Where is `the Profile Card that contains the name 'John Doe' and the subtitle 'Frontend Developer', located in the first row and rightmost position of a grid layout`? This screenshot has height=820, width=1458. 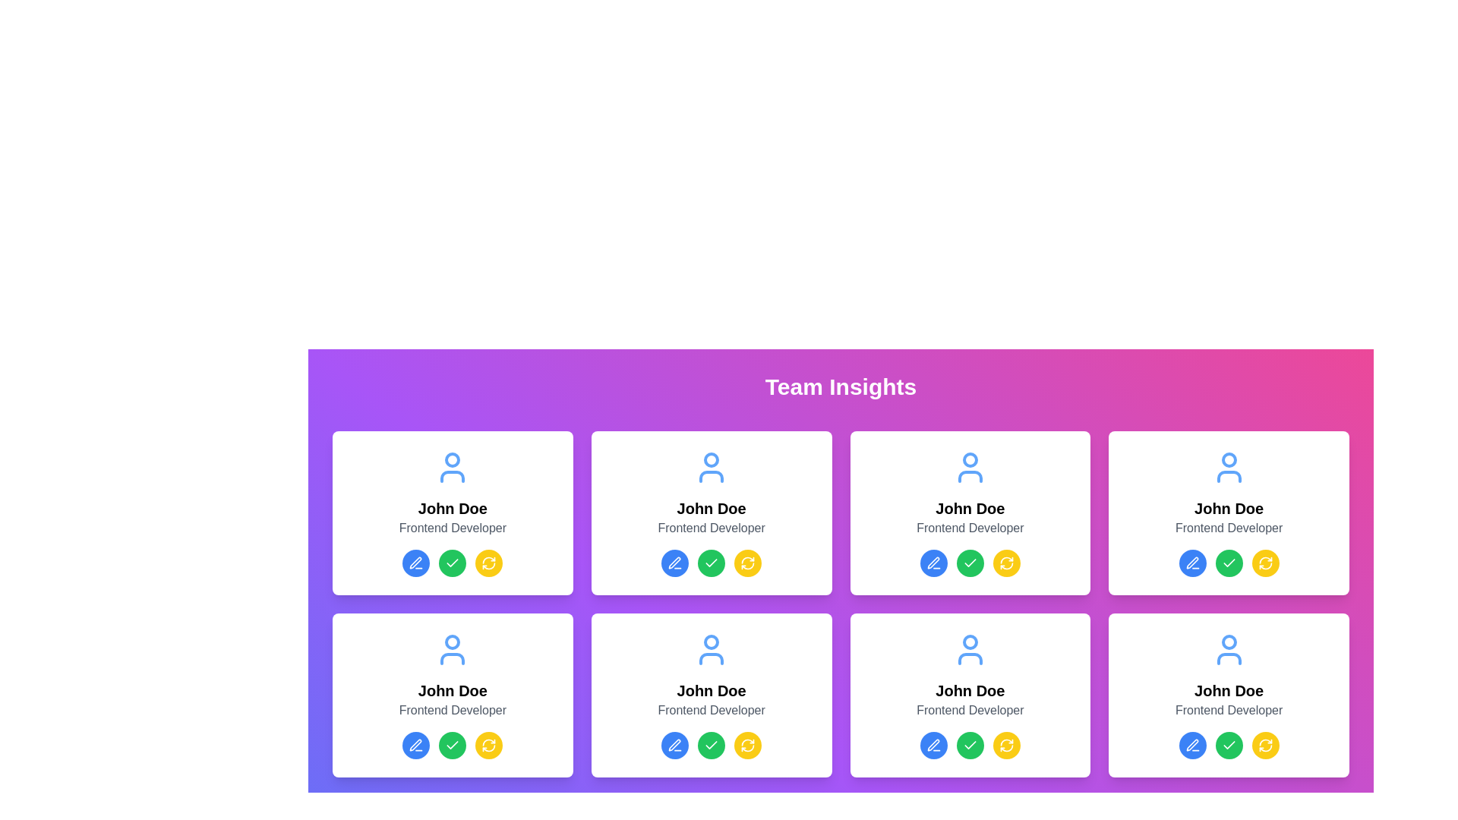
the Profile Card that contains the name 'John Doe' and the subtitle 'Frontend Developer', located in the first row and rightmost position of a grid layout is located at coordinates (1229, 512).